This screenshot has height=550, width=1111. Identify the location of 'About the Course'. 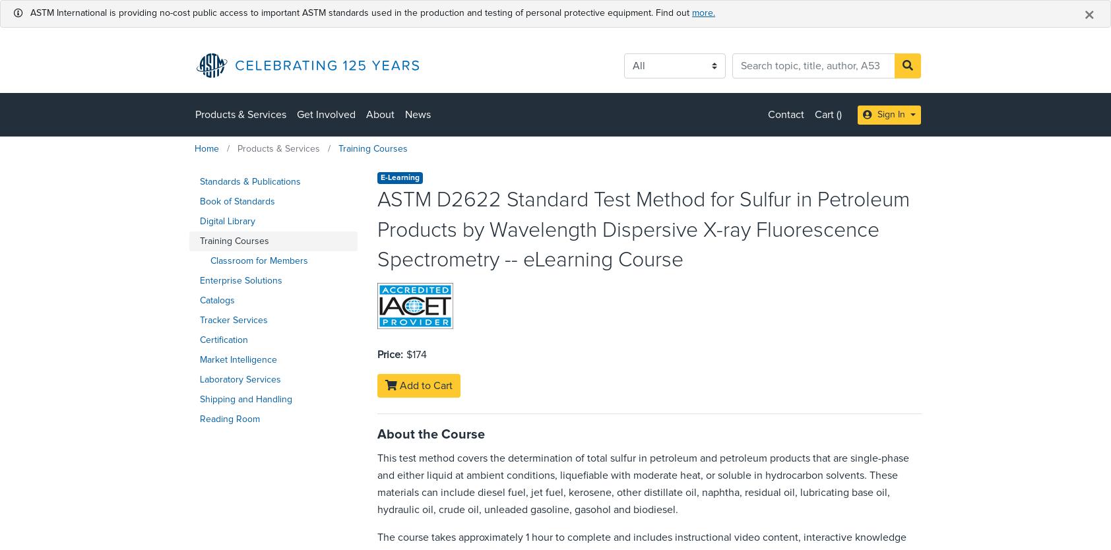
(431, 434).